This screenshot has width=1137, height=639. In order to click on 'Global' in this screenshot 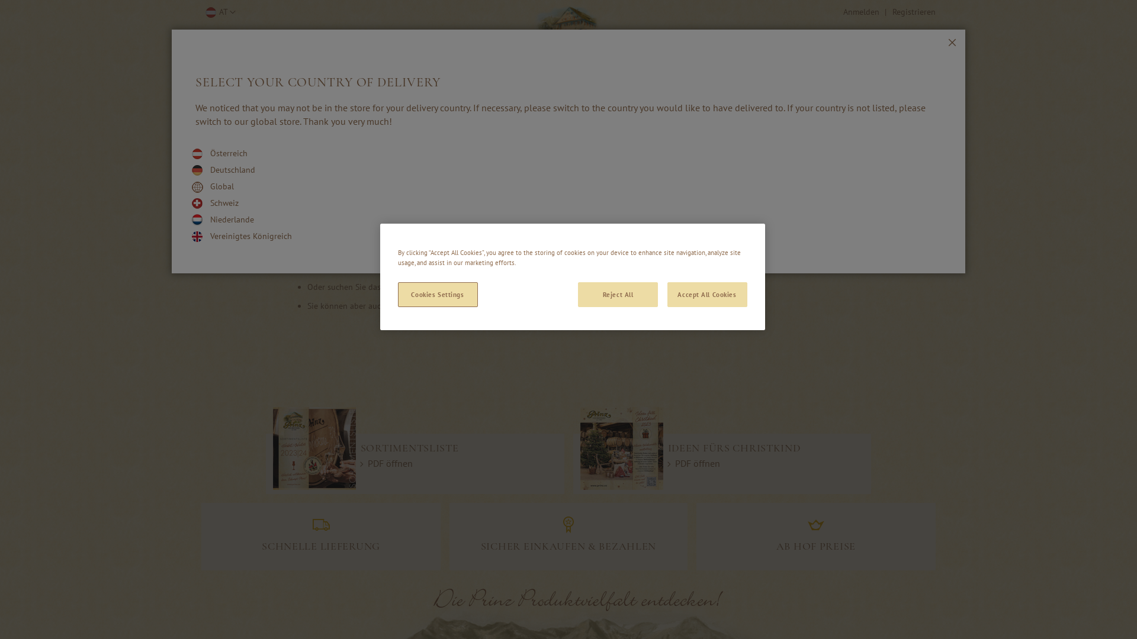, I will do `click(221, 186)`.